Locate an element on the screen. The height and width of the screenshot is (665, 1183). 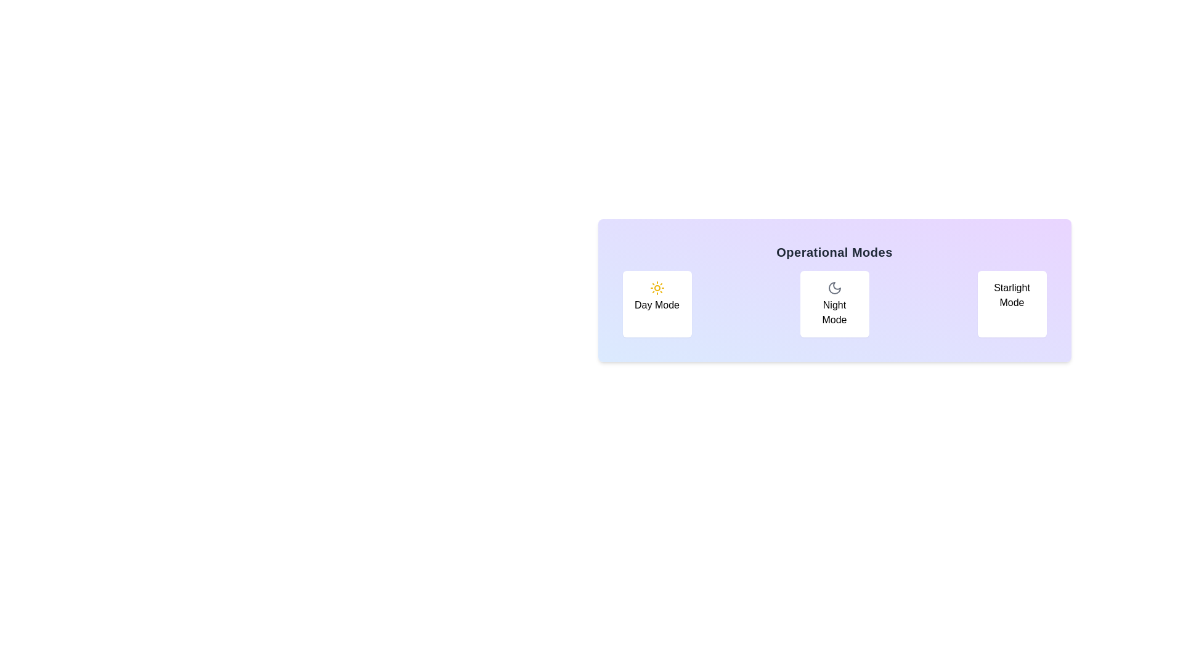
the button labeled Starlight Mode to observe the hover effect is located at coordinates (1012, 304).